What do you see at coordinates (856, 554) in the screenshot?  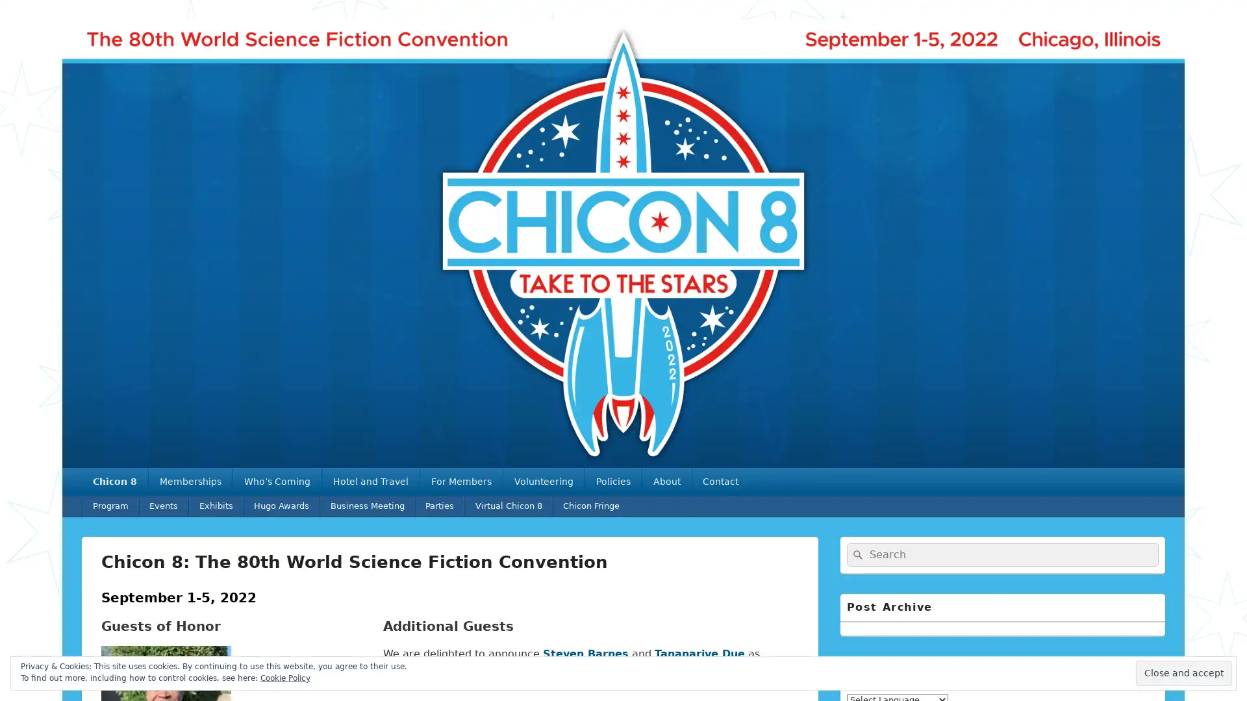 I see `Search` at bounding box center [856, 554].